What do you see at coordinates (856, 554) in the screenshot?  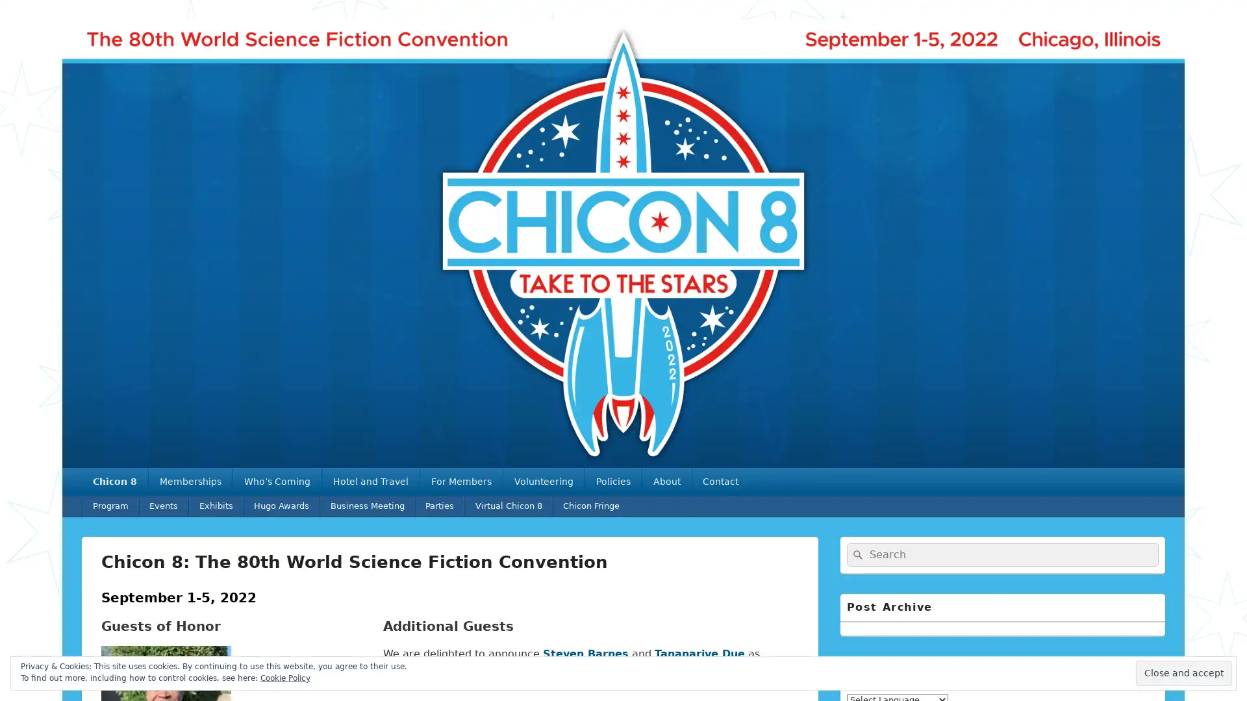 I see `Search` at bounding box center [856, 554].